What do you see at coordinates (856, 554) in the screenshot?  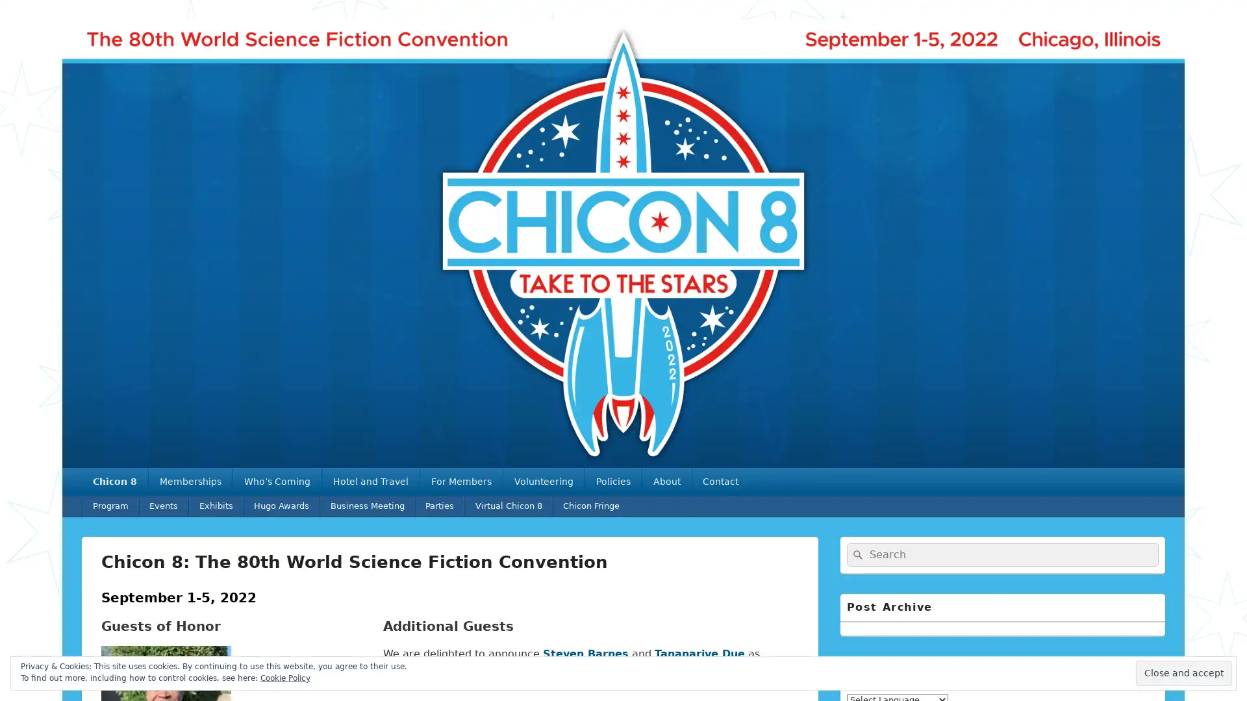 I see `Search` at bounding box center [856, 554].